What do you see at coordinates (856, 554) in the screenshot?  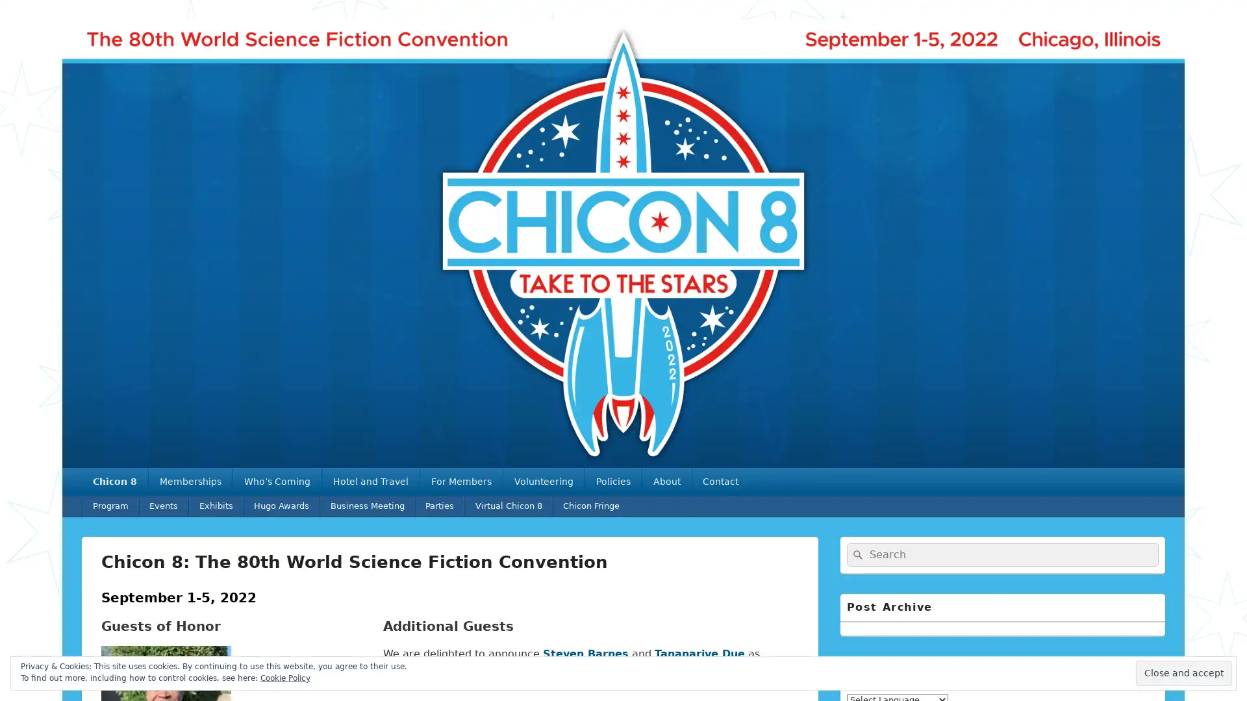 I see `Search` at bounding box center [856, 554].